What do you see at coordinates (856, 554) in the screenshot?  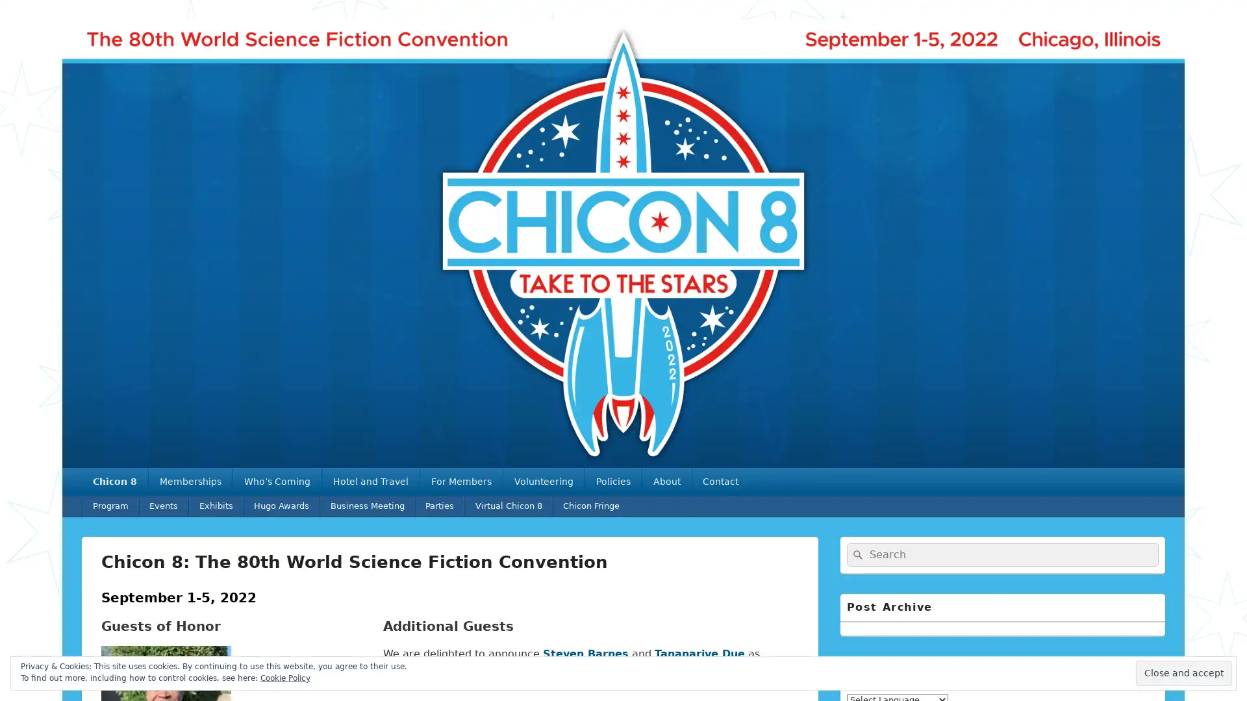 I see `Search` at bounding box center [856, 554].